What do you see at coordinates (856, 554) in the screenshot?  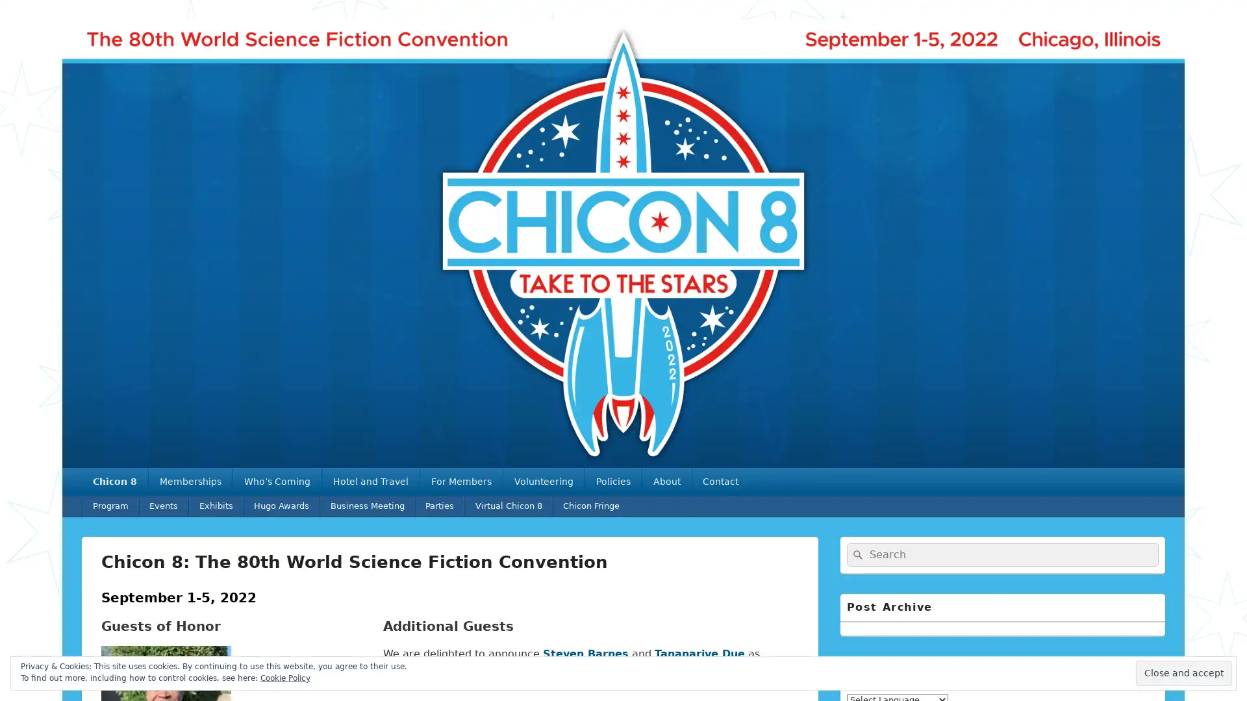 I see `Search` at bounding box center [856, 554].